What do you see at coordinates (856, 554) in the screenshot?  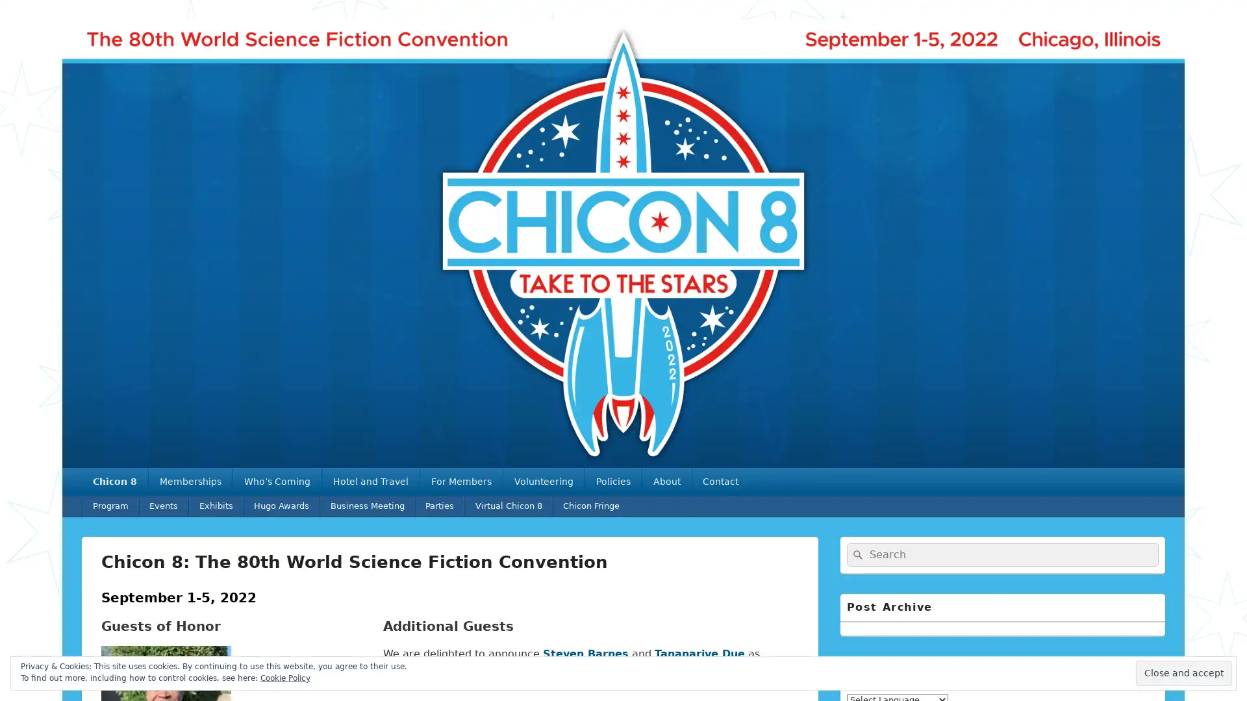 I see `Search` at bounding box center [856, 554].